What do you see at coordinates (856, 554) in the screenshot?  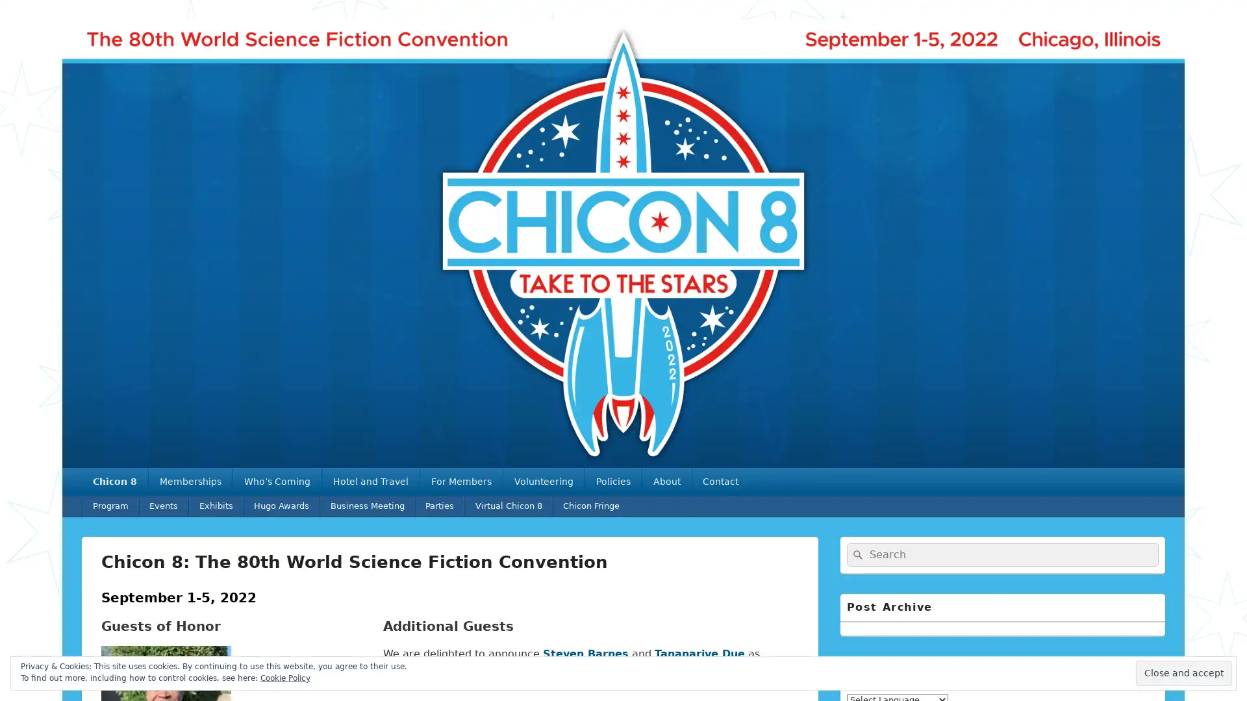 I see `Search` at bounding box center [856, 554].